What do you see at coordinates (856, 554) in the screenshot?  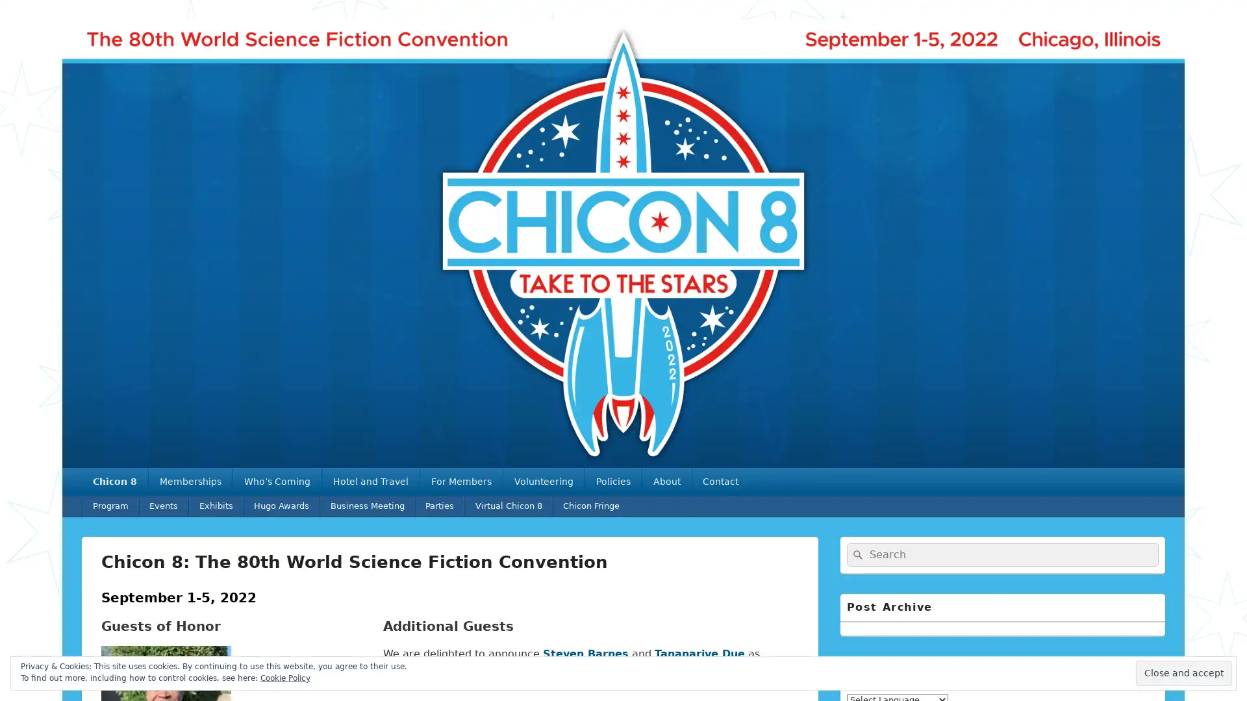 I see `Search` at bounding box center [856, 554].